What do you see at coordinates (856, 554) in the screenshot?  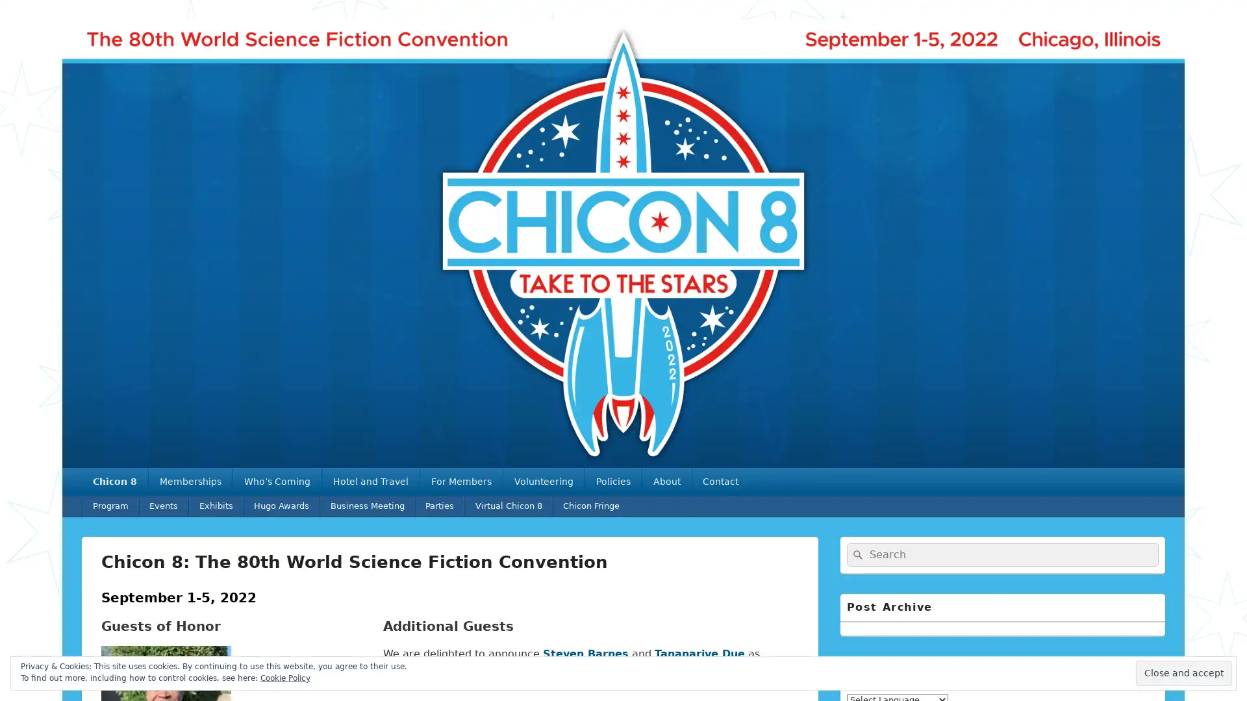 I see `Search` at bounding box center [856, 554].